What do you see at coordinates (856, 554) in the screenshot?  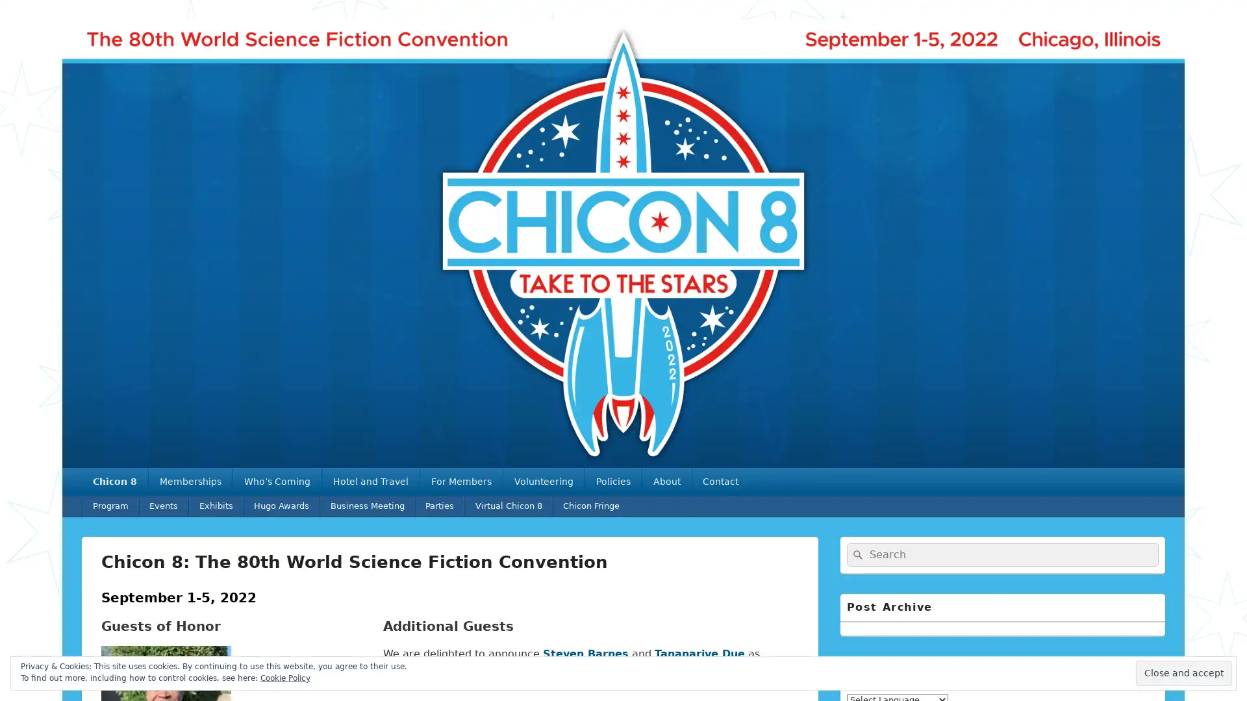 I see `Search` at bounding box center [856, 554].